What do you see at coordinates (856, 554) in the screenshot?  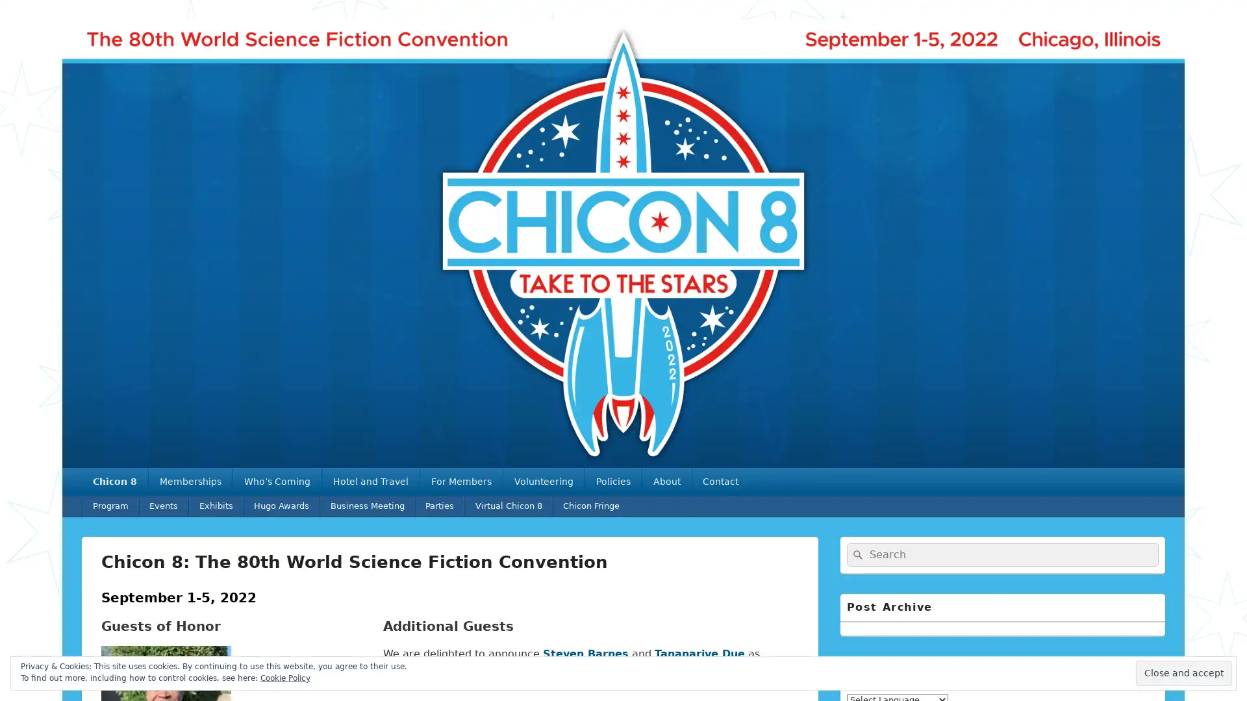 I see `Search` at bounding box center [856, 554].